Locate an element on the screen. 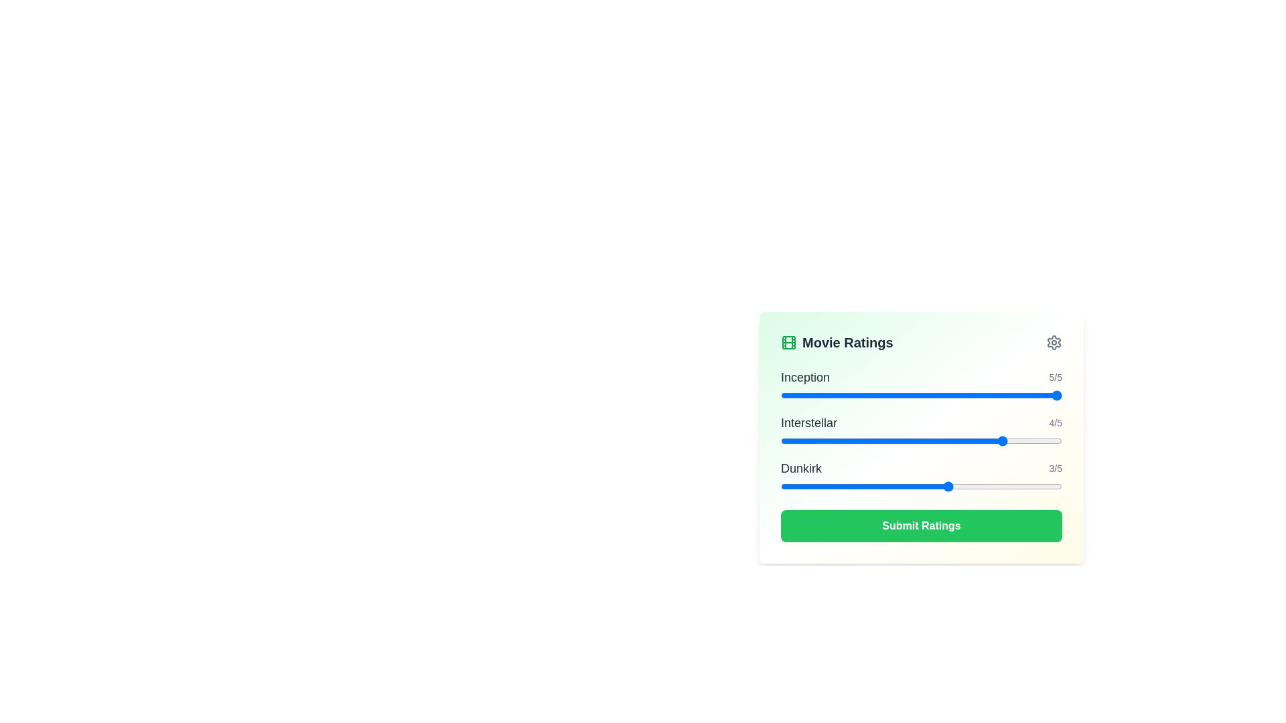 This screenshot has width=1286, height=723. the rating for Dunkirk is located at coordinates (781, 486).